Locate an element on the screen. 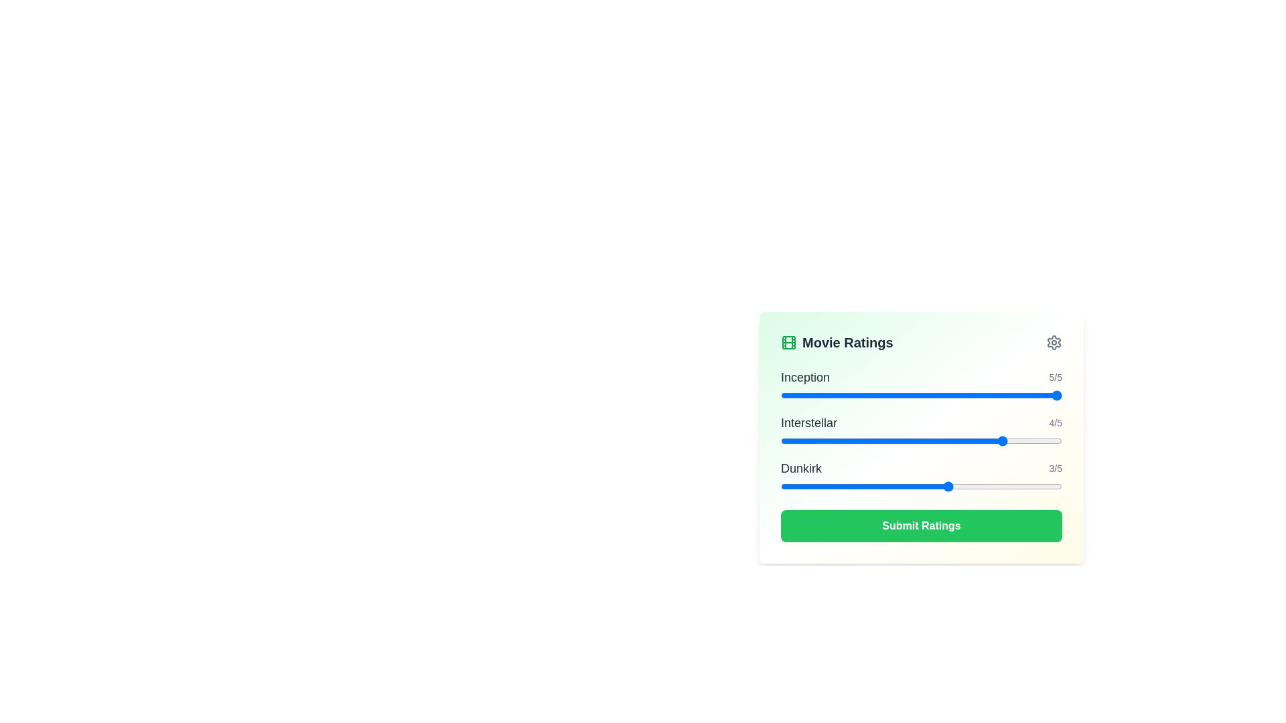 This screenshot has width=1286, height=723. the rating for Dunkirk is located at coordinates (781, 486).